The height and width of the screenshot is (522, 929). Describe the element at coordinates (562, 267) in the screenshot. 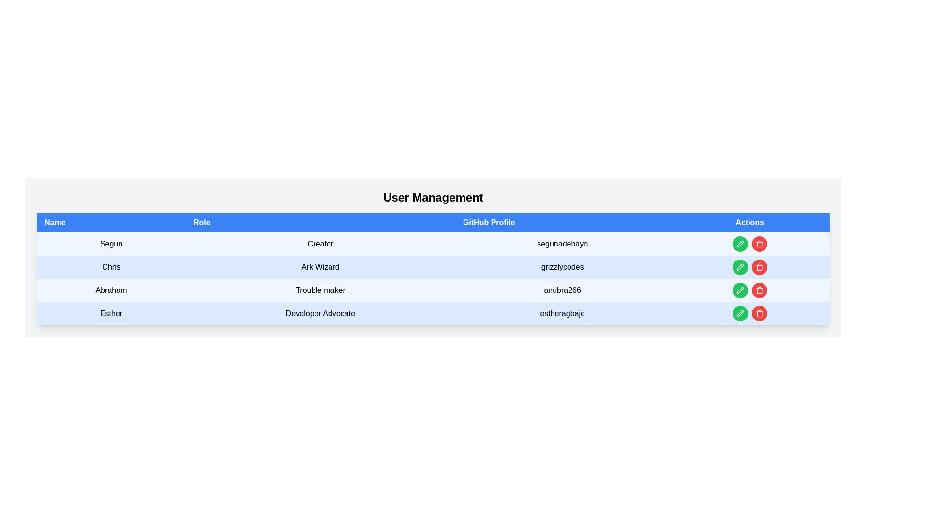

I see `the Text label displaying the GitHub profile identifier or username for the user 'Chris' in the user management table` at that location.